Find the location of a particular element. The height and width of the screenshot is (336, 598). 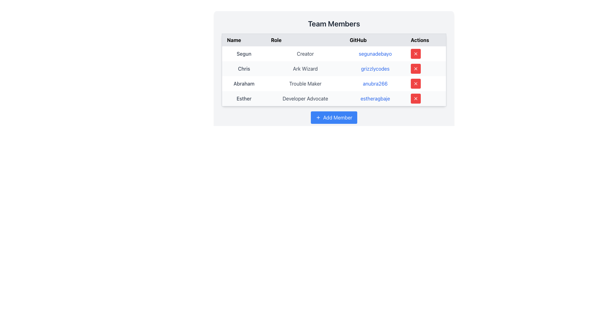

the red button with a white 'X' symbol in the 'Actions' column of the third row corresponding to the 'Abraham' entry is located at coordinates (415, 83).